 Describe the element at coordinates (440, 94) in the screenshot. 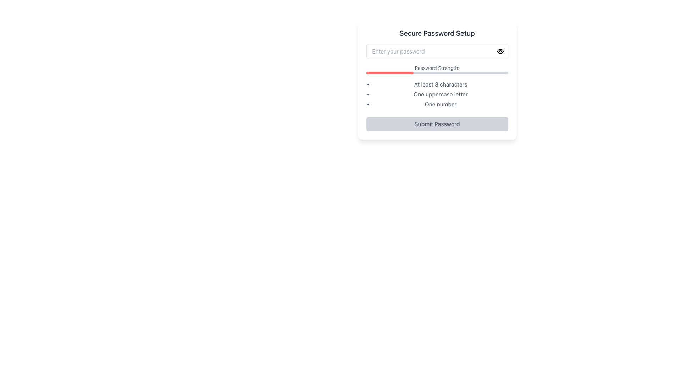

I see `text informing the user about the password requirement for including at least one uppercase letter, which is the second item in the password strength criteria list located under the 'Password Strength' label` at that location.